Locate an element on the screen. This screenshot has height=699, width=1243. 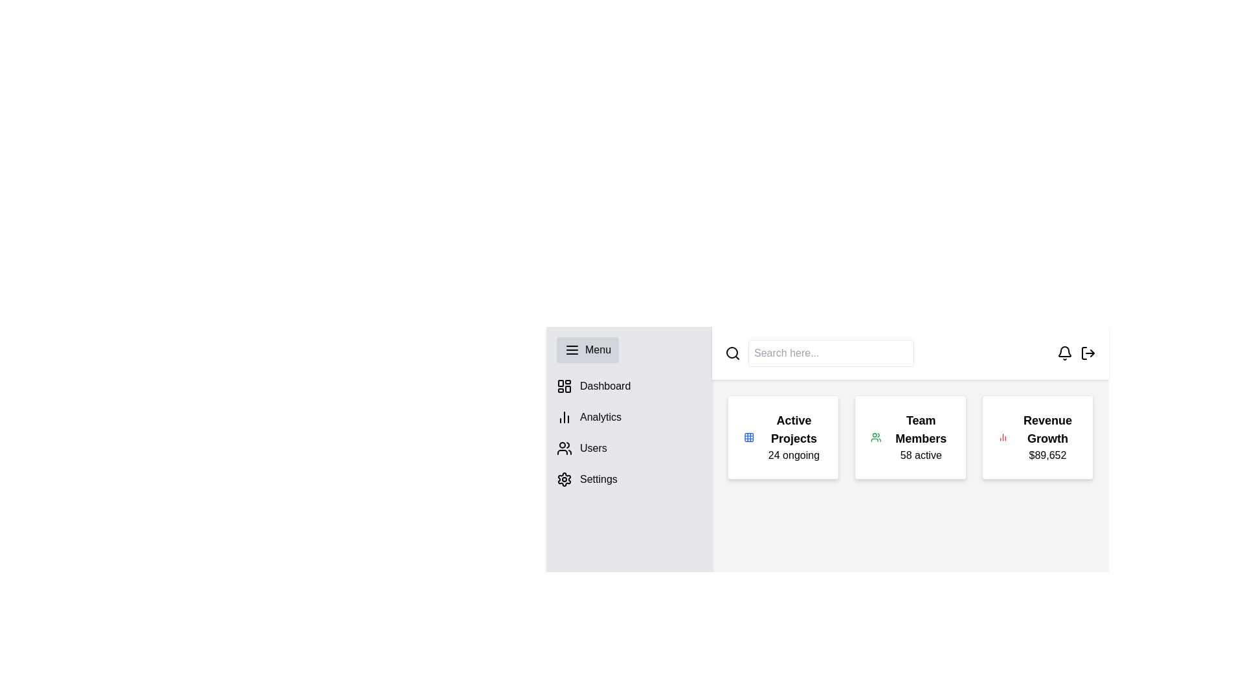
the 'Menu' button with a light gray background and a black icon of three horizontal lines, located at the top of the vertical sidebar on the left side of the interface is located at coordinates (587, 349).